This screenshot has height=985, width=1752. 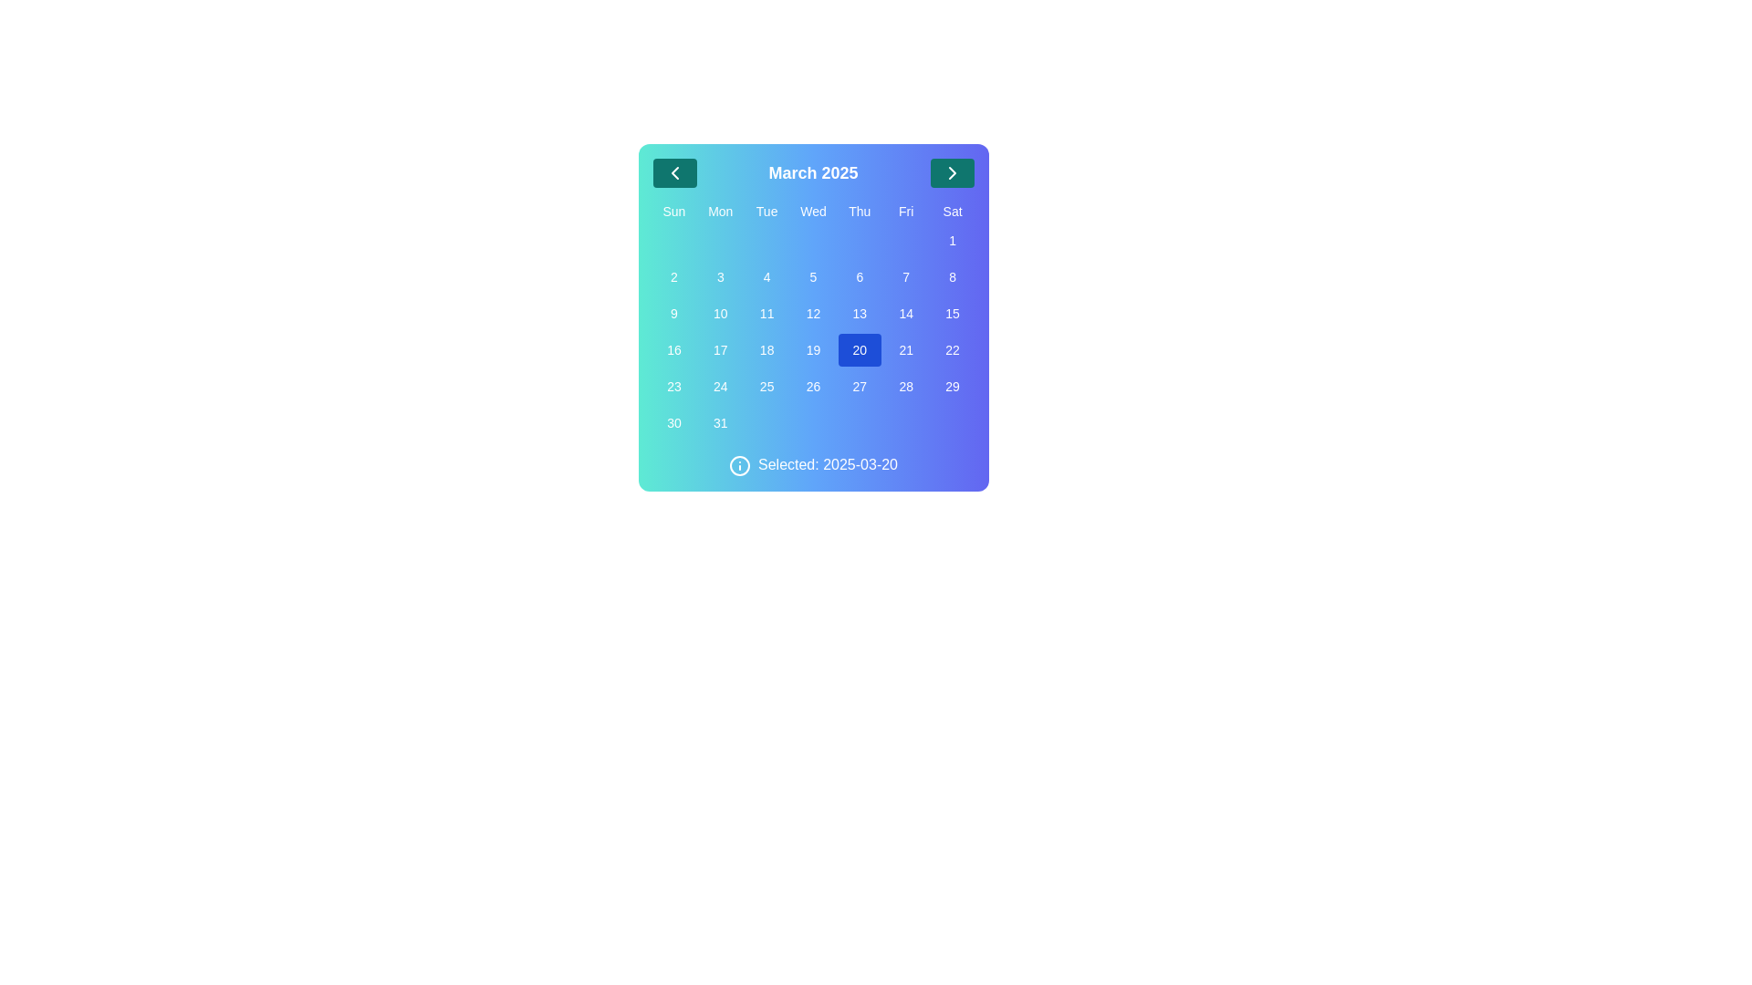 What do you see at coordinates (766, 277) in the screenshot?
I see `the light-colored rectangular button with rounded corners displaying the number '4', located in the second row and fourth column of the calendar interface under 'Tue'` at bounding box center [766, 277].